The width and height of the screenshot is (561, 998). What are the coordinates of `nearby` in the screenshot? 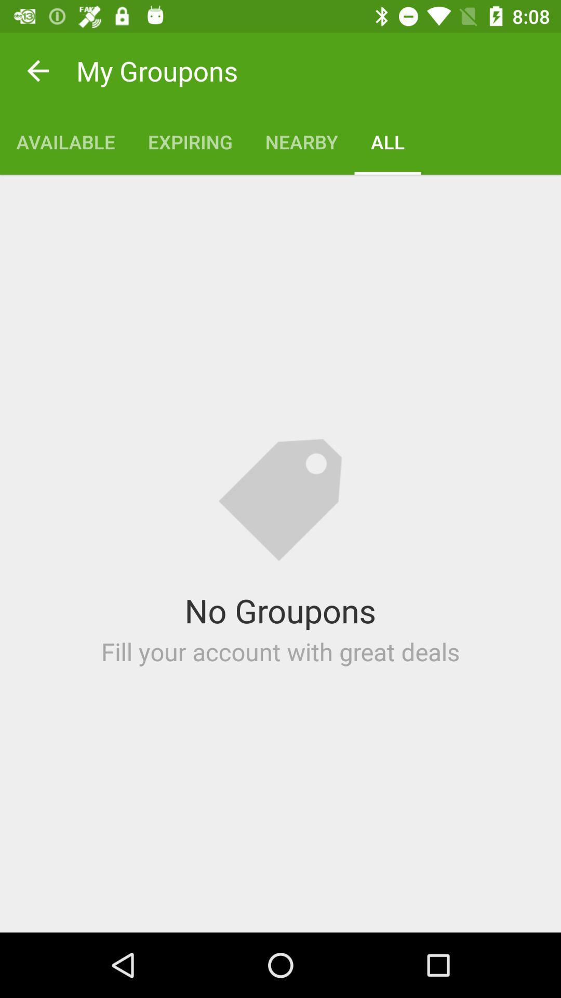 It's located at (301, 141).